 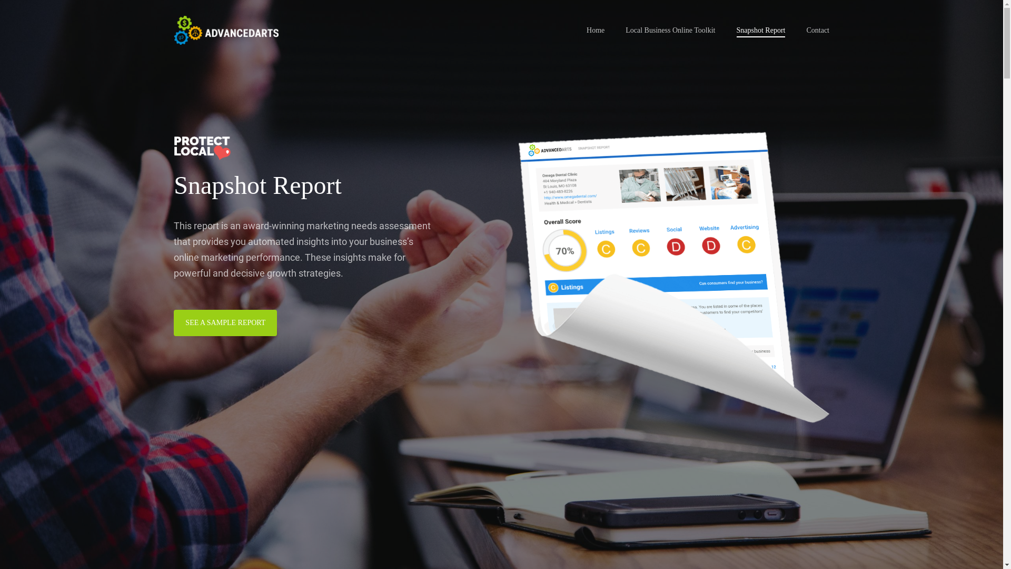 What do you see at coordinates (817, 30) in the screenshot?
I see `'Contact'` at bounding box center [817, 30].